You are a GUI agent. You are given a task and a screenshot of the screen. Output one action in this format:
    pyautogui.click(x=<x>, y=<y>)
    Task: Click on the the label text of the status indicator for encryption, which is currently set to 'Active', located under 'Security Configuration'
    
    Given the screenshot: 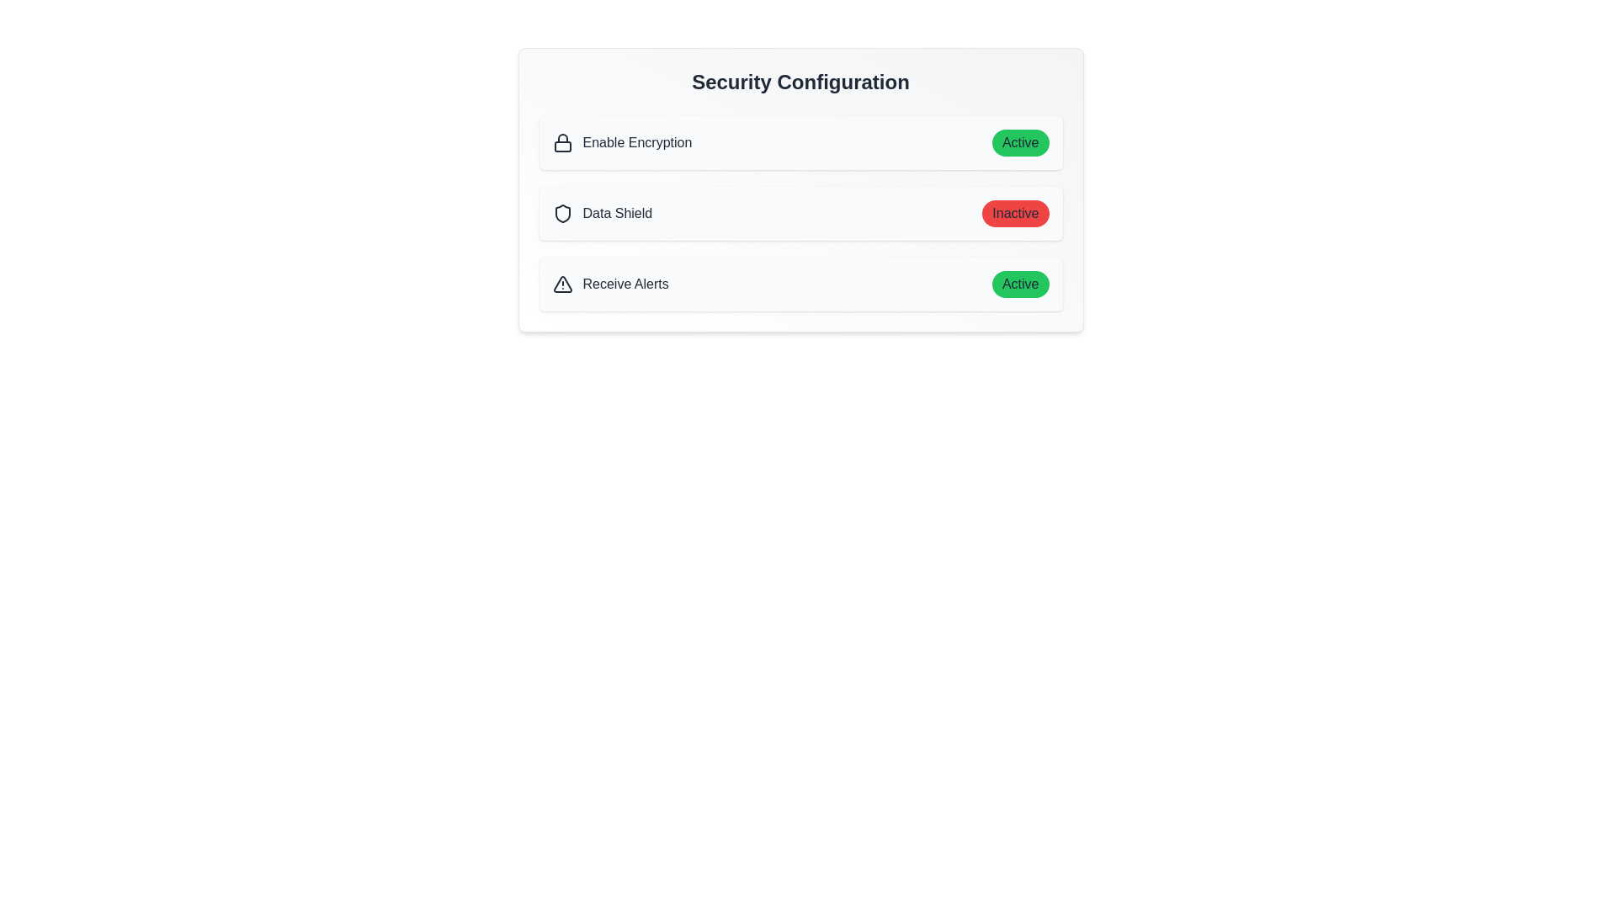 What is the action you would take?
    pyautogui.click(x=800, y=141)
    